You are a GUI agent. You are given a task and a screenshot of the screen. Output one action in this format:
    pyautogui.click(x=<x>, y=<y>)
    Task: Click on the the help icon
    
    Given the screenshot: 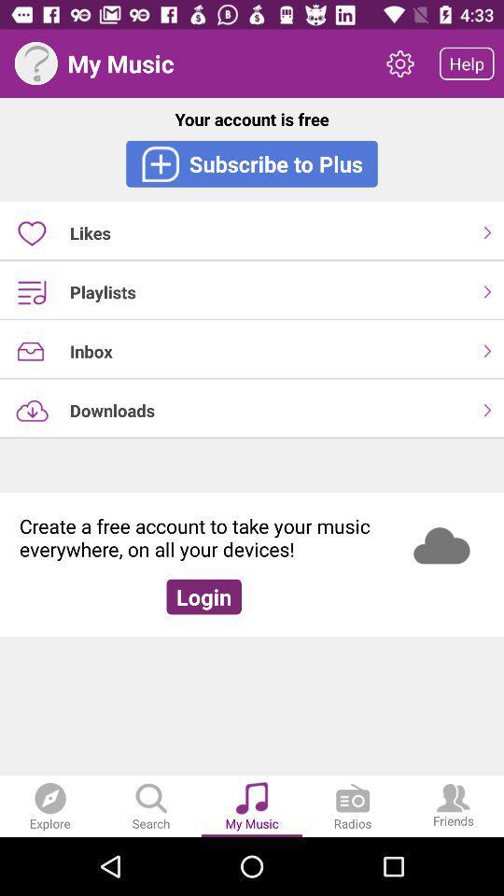 What is the action you would take?
    pyautogui.click(x=35, y=63)
    